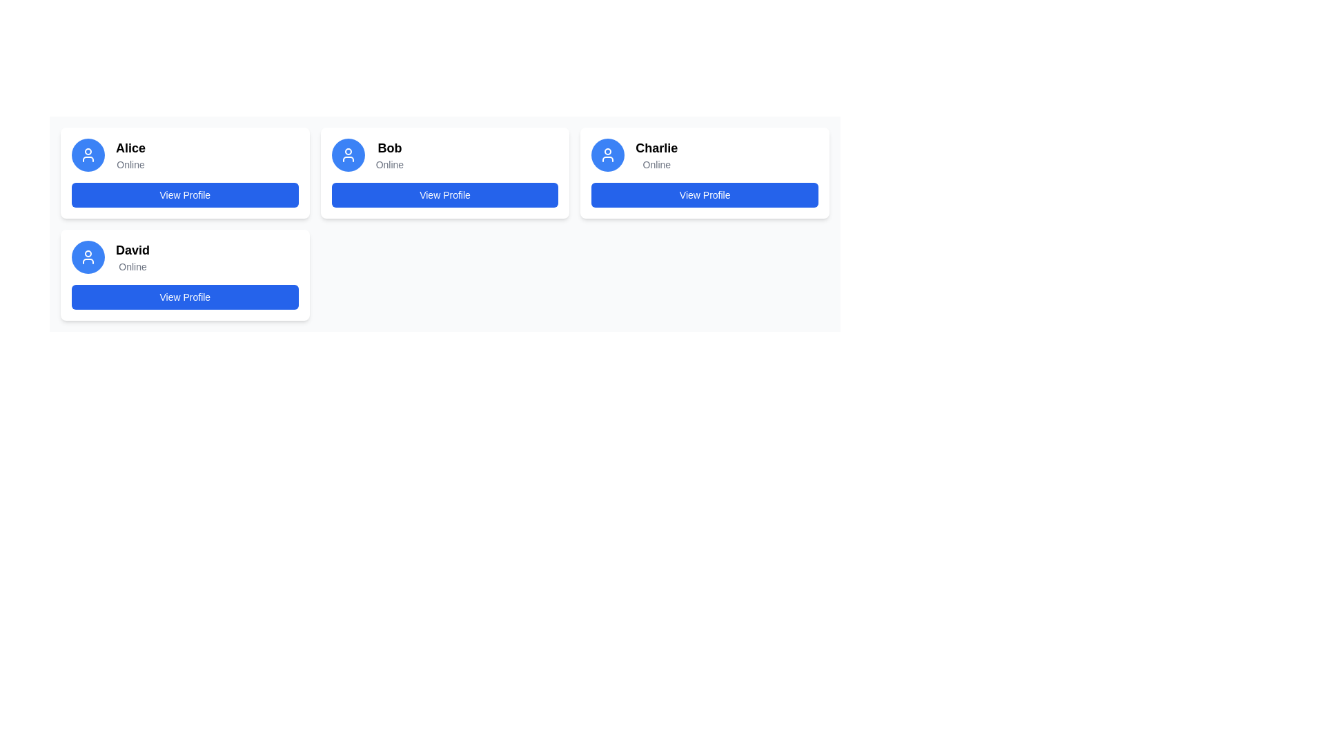 This screenshot has height=745, width=1325. I want to click on the Text Display that shows 'David' in bold and 'Online' in soft gray, which is located in the third profile card of the second row, positioned to the right of an avatar icon, so click(132, 257).